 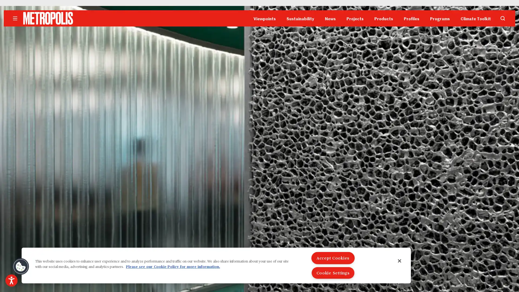 What do you see at coordinates (329, 59) in the screenshot?
I see `Close` at bounding box center [329, 59].